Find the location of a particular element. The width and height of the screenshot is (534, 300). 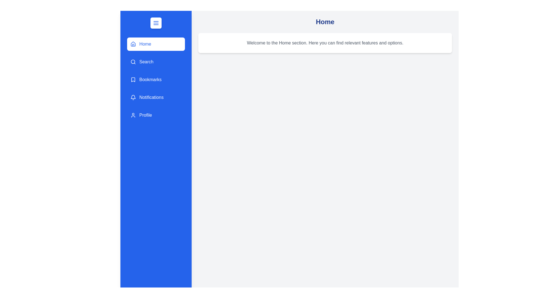

the menu item Home from the drawer is located at coordinates (156, 44).